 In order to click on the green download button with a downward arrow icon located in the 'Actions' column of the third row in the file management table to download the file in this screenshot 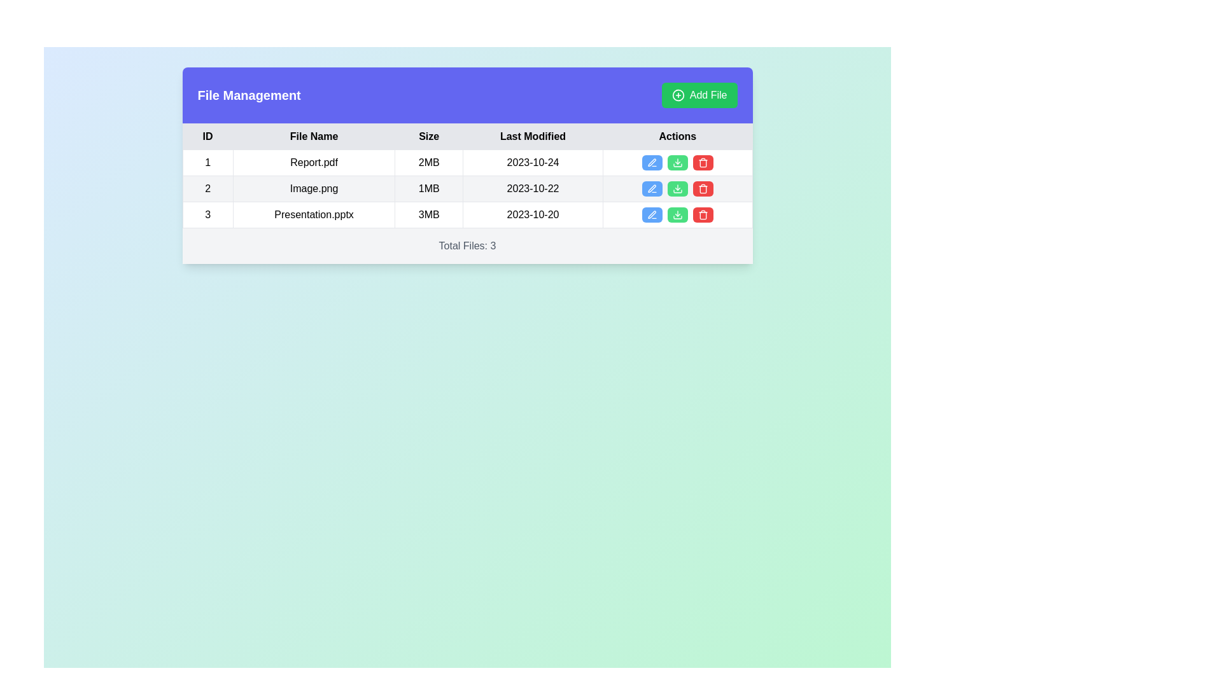, I will do `click(677, 189)`.